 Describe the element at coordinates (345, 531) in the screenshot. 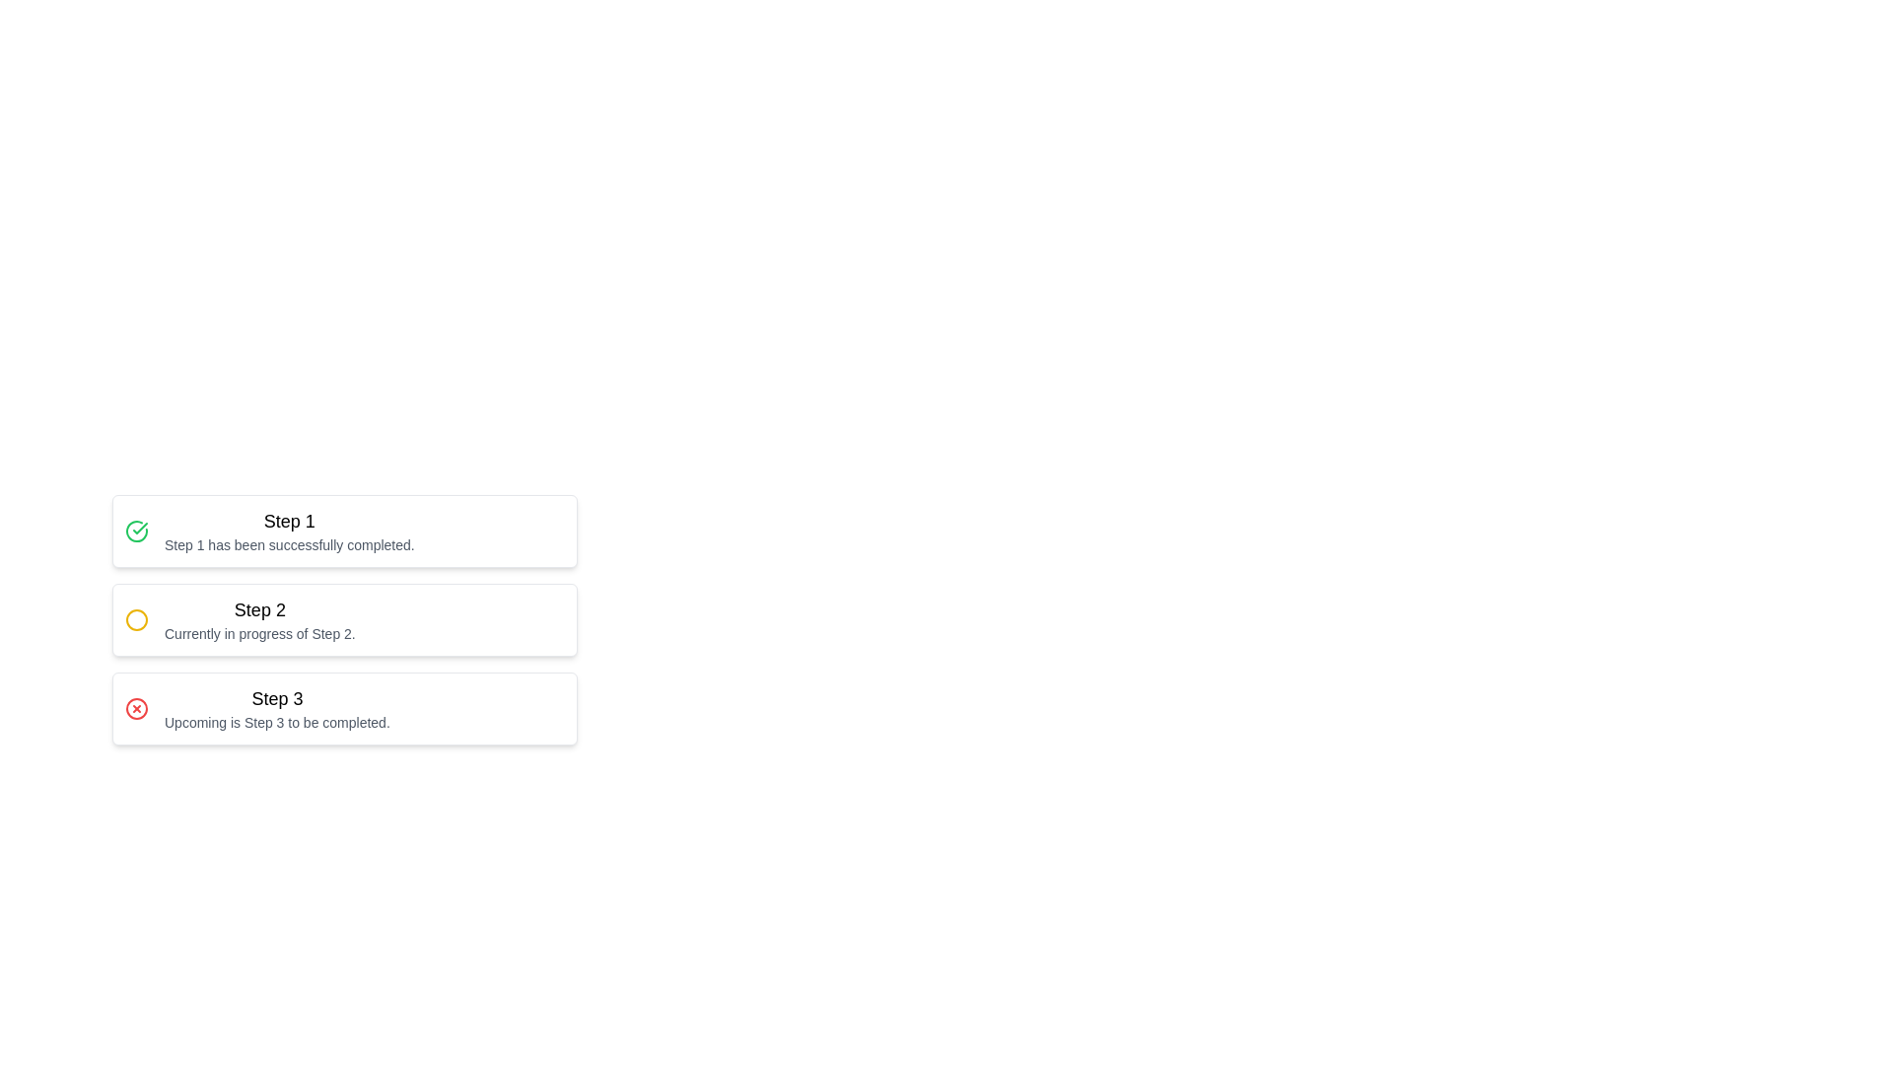

I see `the Information card displaying 'Step 1' and its completion status by clicking on it, which is the first card in a vertical list of three similar cards` at that location.